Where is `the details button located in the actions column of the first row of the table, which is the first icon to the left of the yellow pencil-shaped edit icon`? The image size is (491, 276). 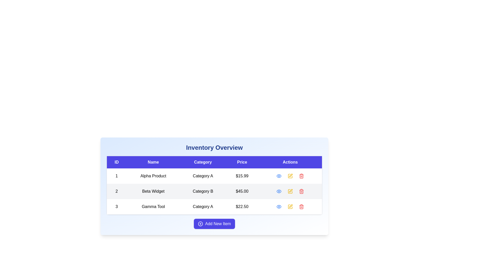 the details button located in the actions column of the first row of the table, which is the first icon to the left of the yellow pencil-shaped edit icon is located at coordinates (278, 176).